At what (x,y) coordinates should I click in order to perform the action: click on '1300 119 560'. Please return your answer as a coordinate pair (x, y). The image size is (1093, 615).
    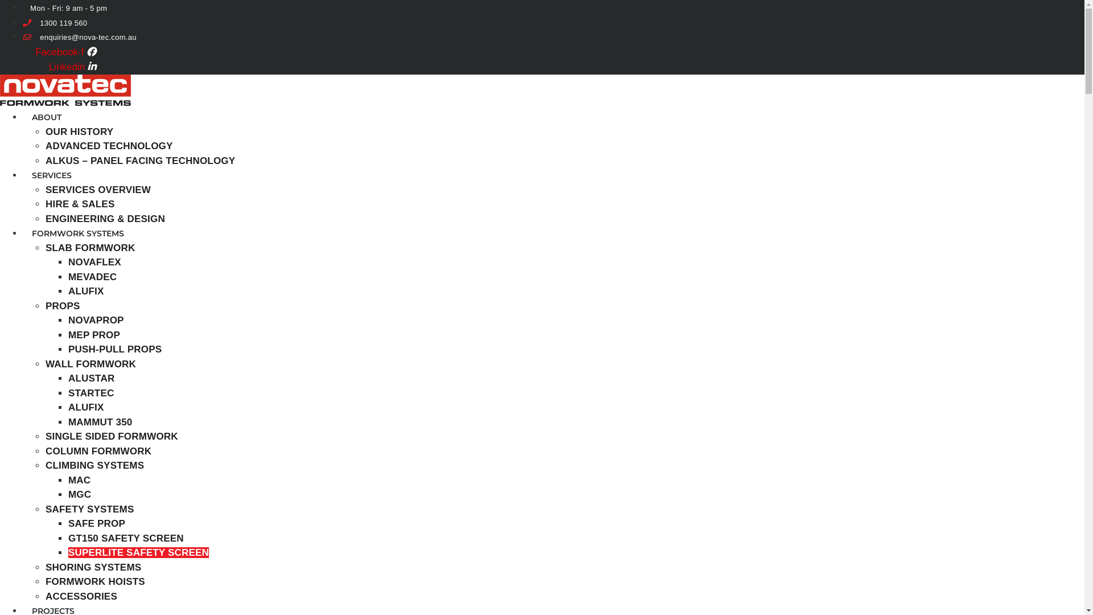
    Looking at the image, I should click on (22, 22).